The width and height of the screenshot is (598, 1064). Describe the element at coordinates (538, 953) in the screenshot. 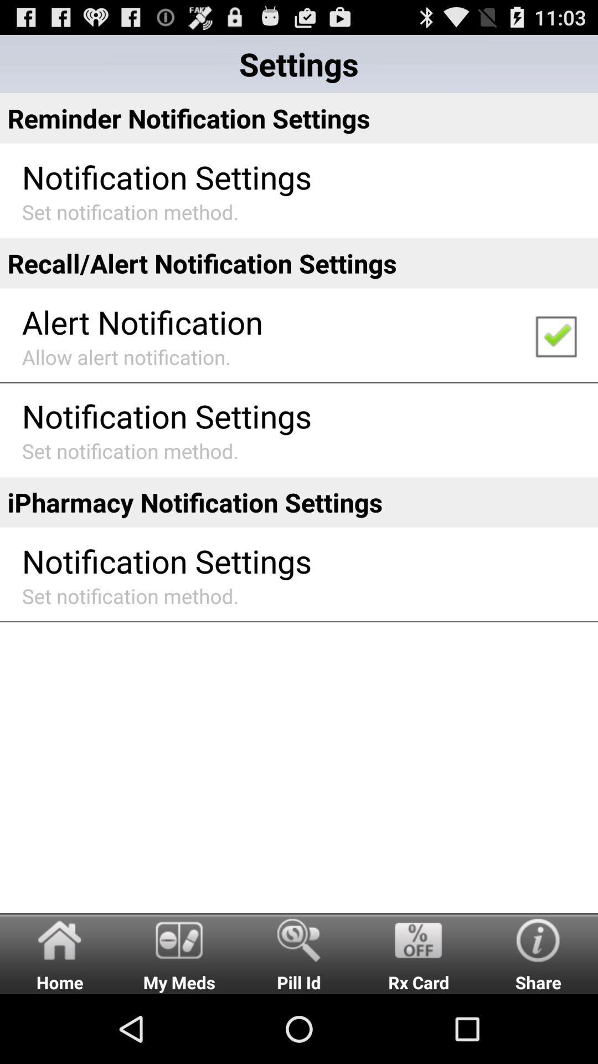

I see `share item` at that location.